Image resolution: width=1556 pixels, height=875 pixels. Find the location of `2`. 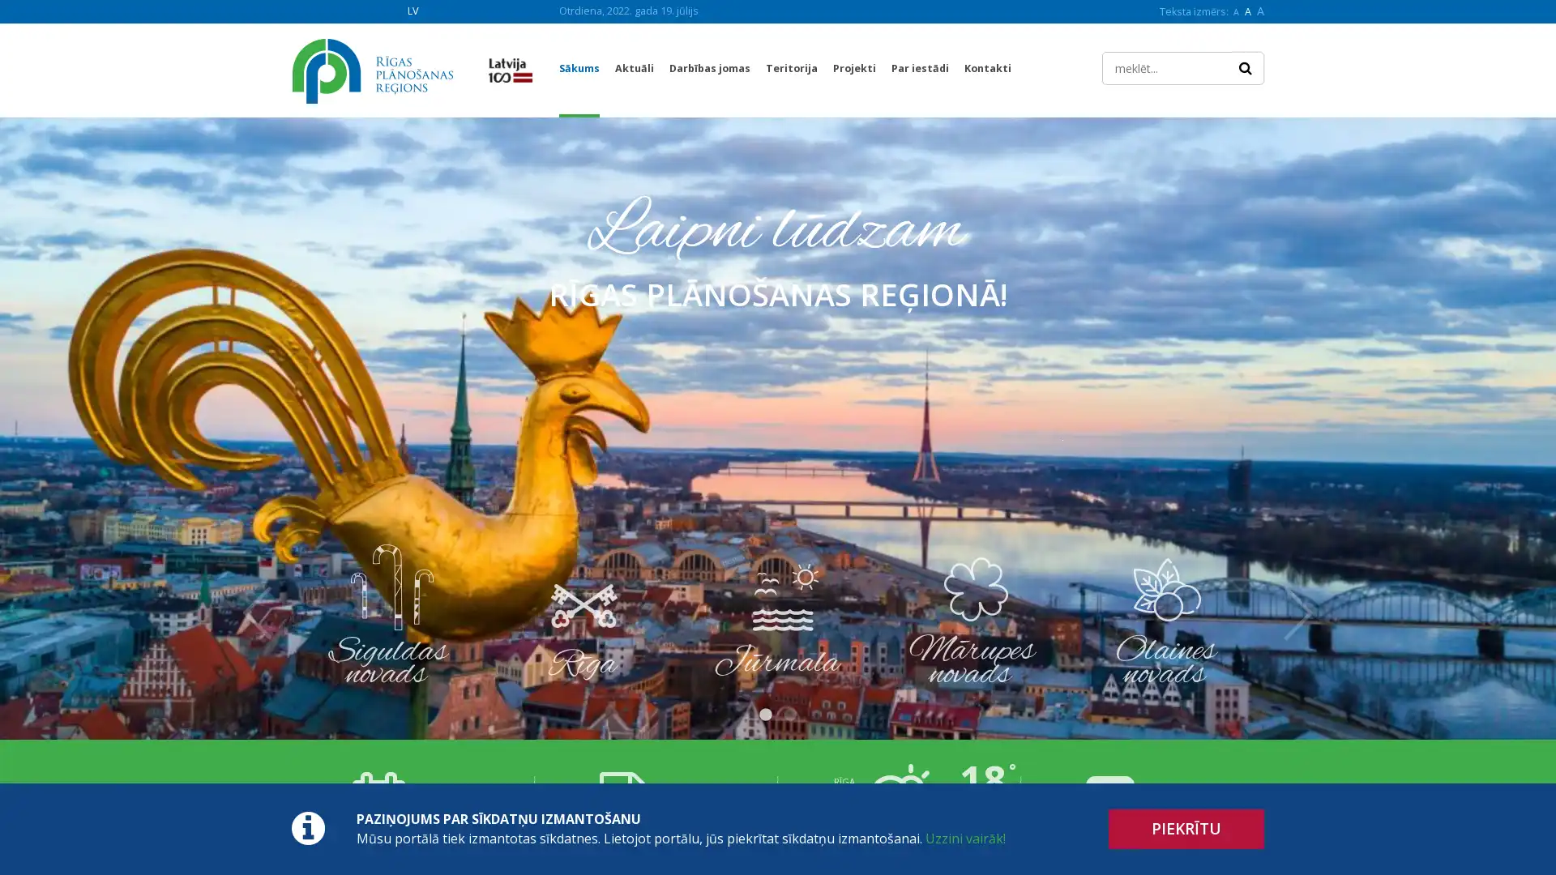

2 is located at coordinates (789, 715).